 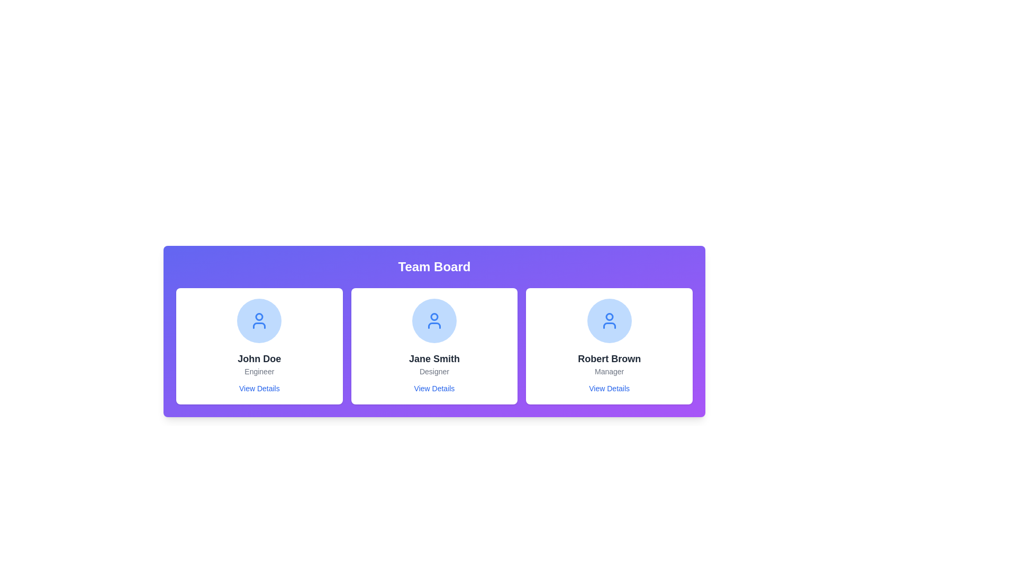 I want to click on the user's profile static icon located at the top section of the card labeled 'Robert Brown Manager View Details', so click(x=609, y=320).